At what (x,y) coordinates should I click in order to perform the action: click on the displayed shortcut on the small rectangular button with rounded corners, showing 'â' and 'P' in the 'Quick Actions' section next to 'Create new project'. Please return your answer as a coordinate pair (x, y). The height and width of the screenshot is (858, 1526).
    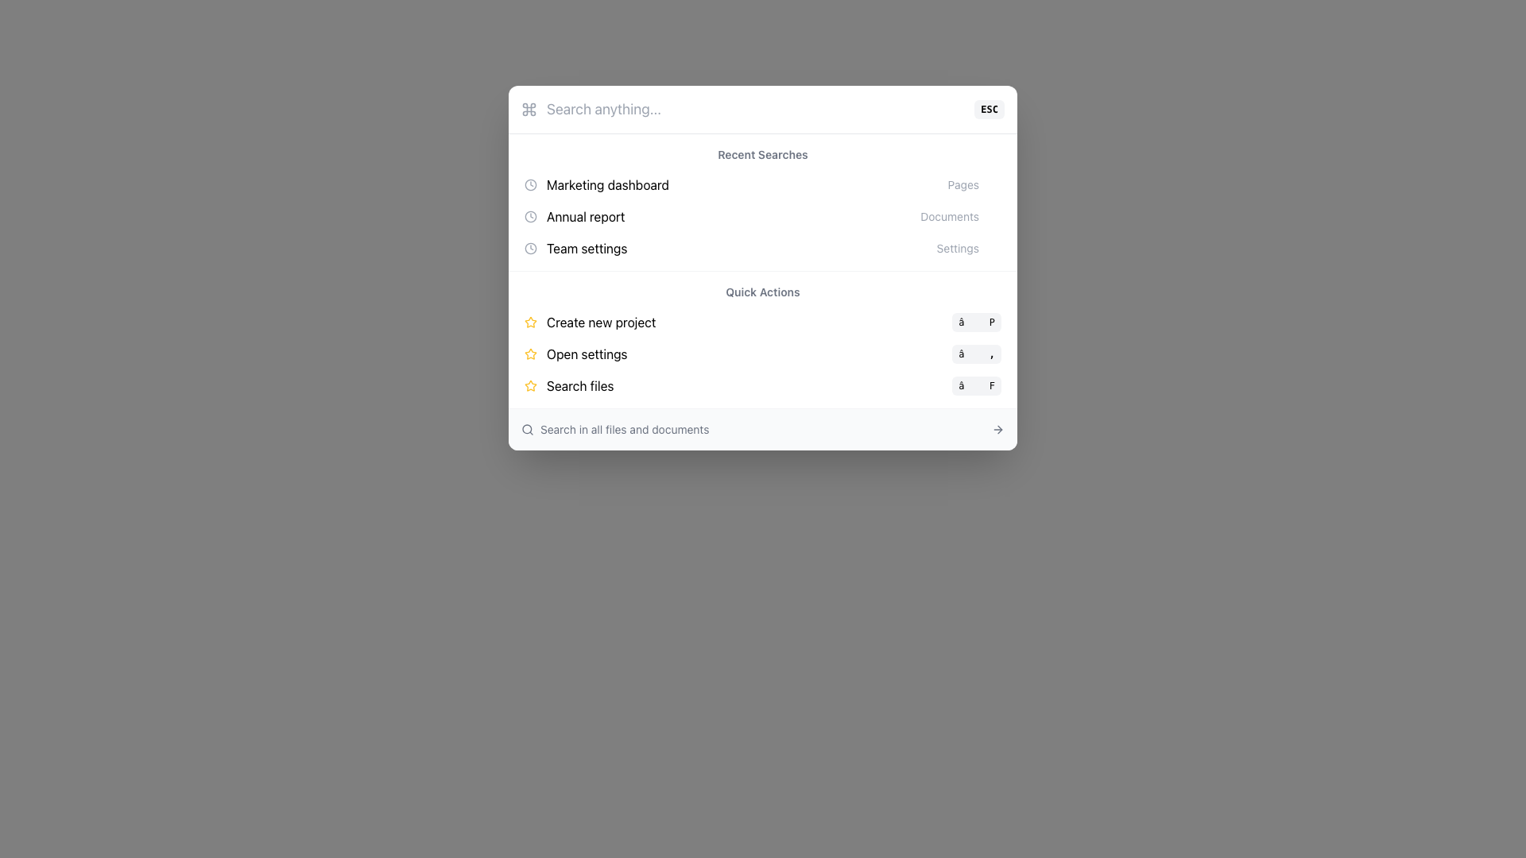
    Looking at the image, I should click on (976, 322).